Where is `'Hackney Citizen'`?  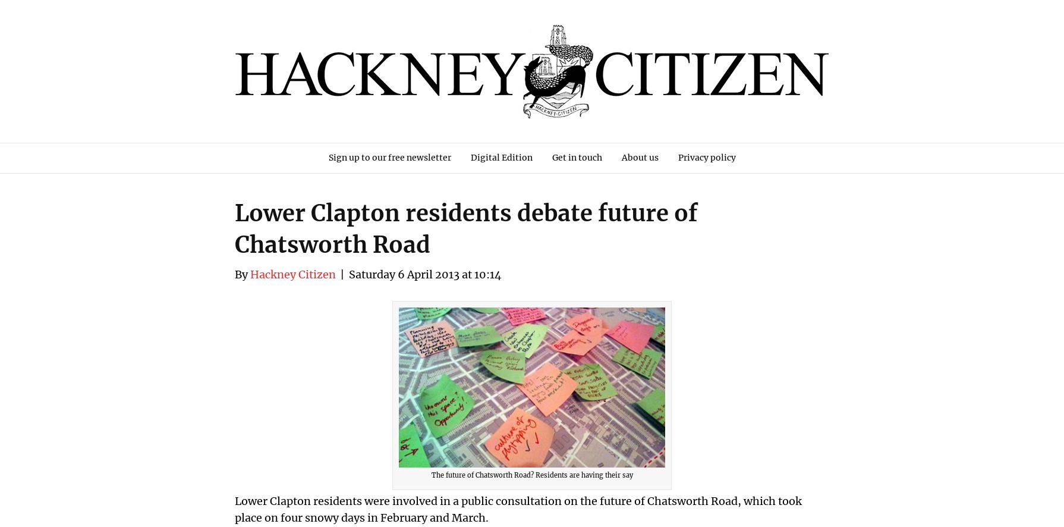
'Hackney Citizen' is located at coordinates (292, 274).